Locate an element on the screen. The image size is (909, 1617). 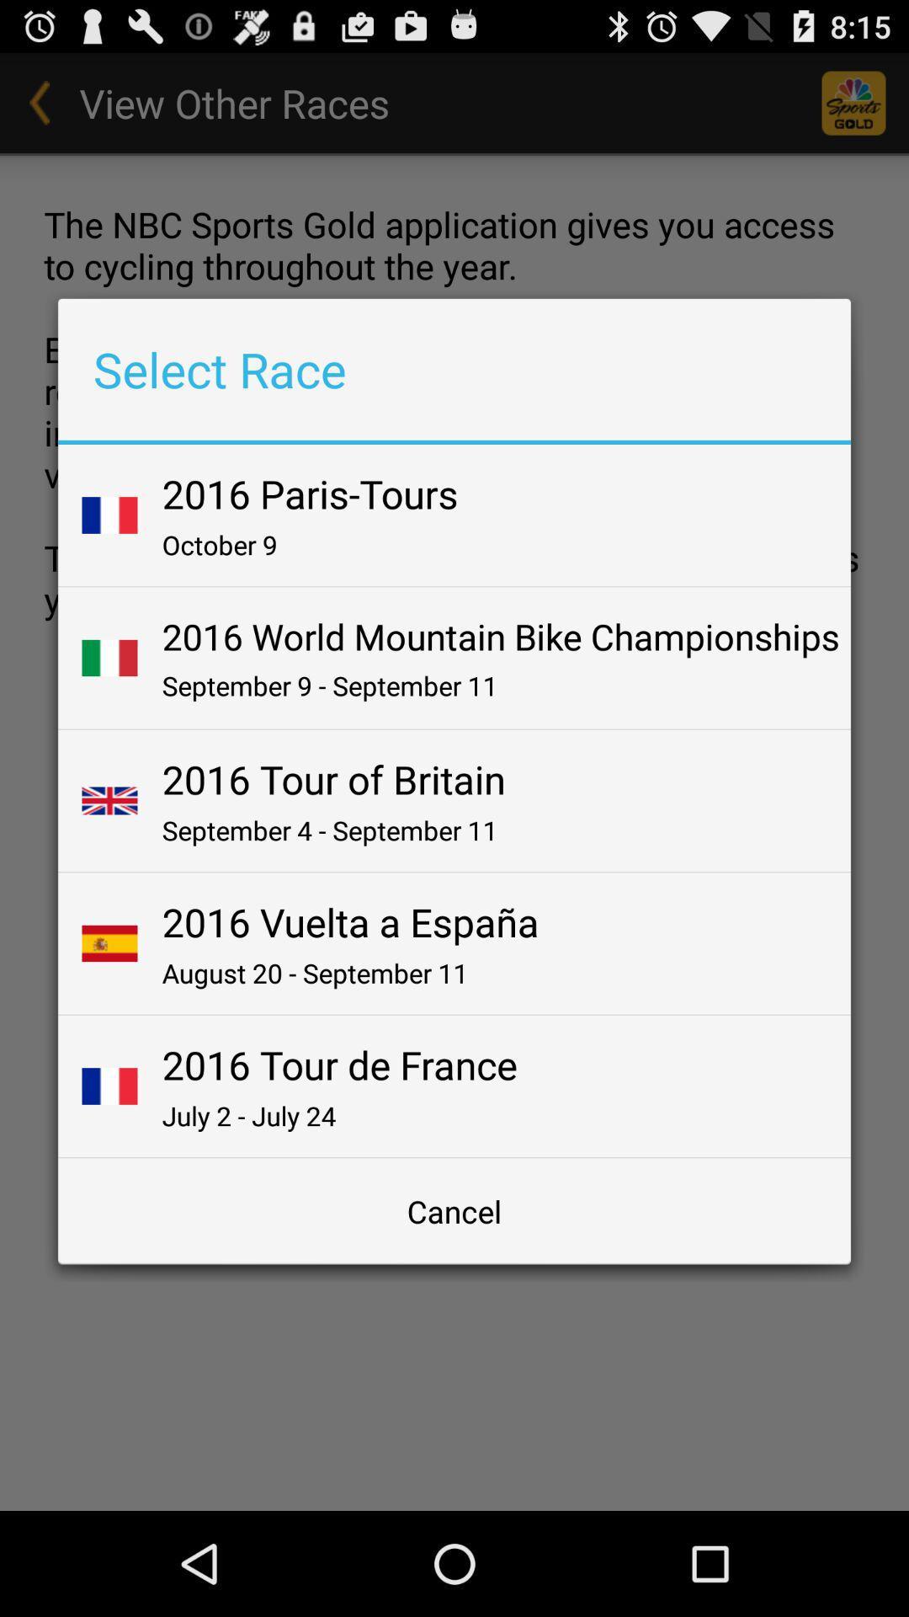
item below july 2 july item is located at coordinates (454, 1210).